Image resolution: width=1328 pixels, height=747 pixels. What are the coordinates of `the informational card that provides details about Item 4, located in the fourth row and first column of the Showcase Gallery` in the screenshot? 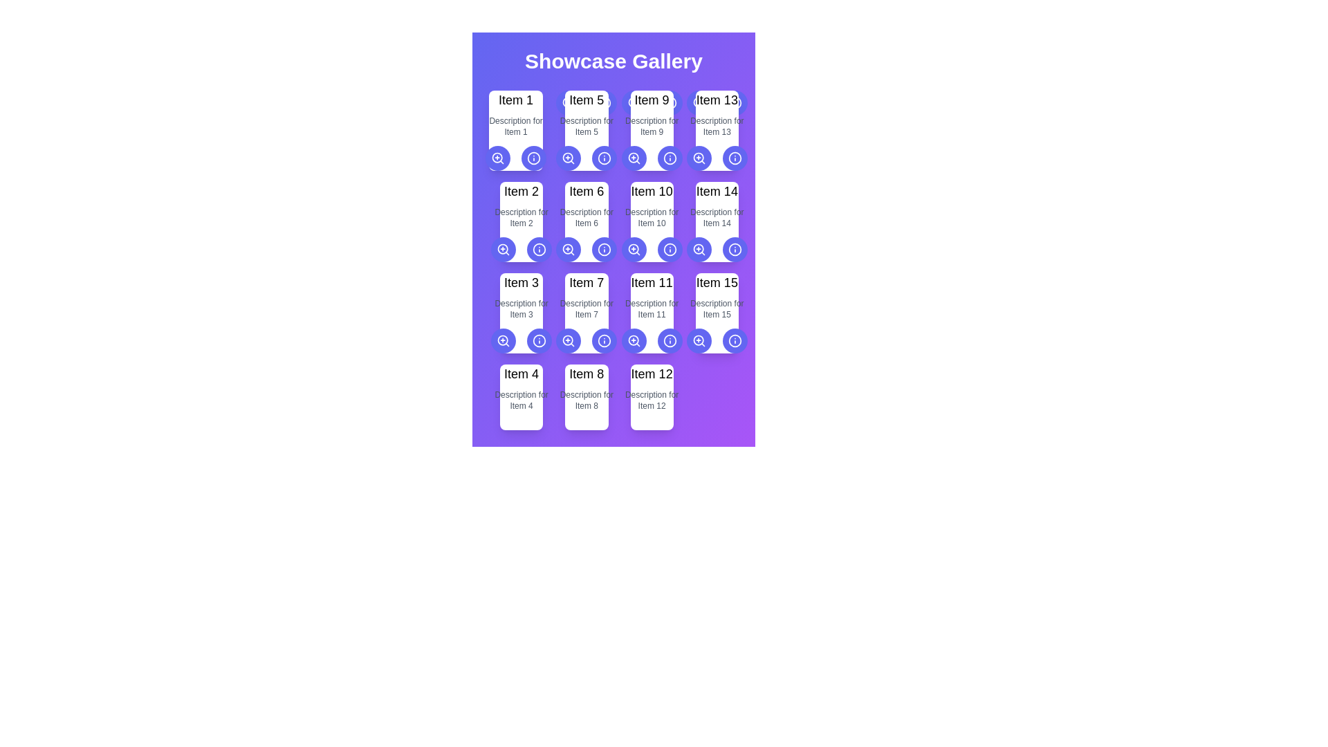 It's located at (521, 397).